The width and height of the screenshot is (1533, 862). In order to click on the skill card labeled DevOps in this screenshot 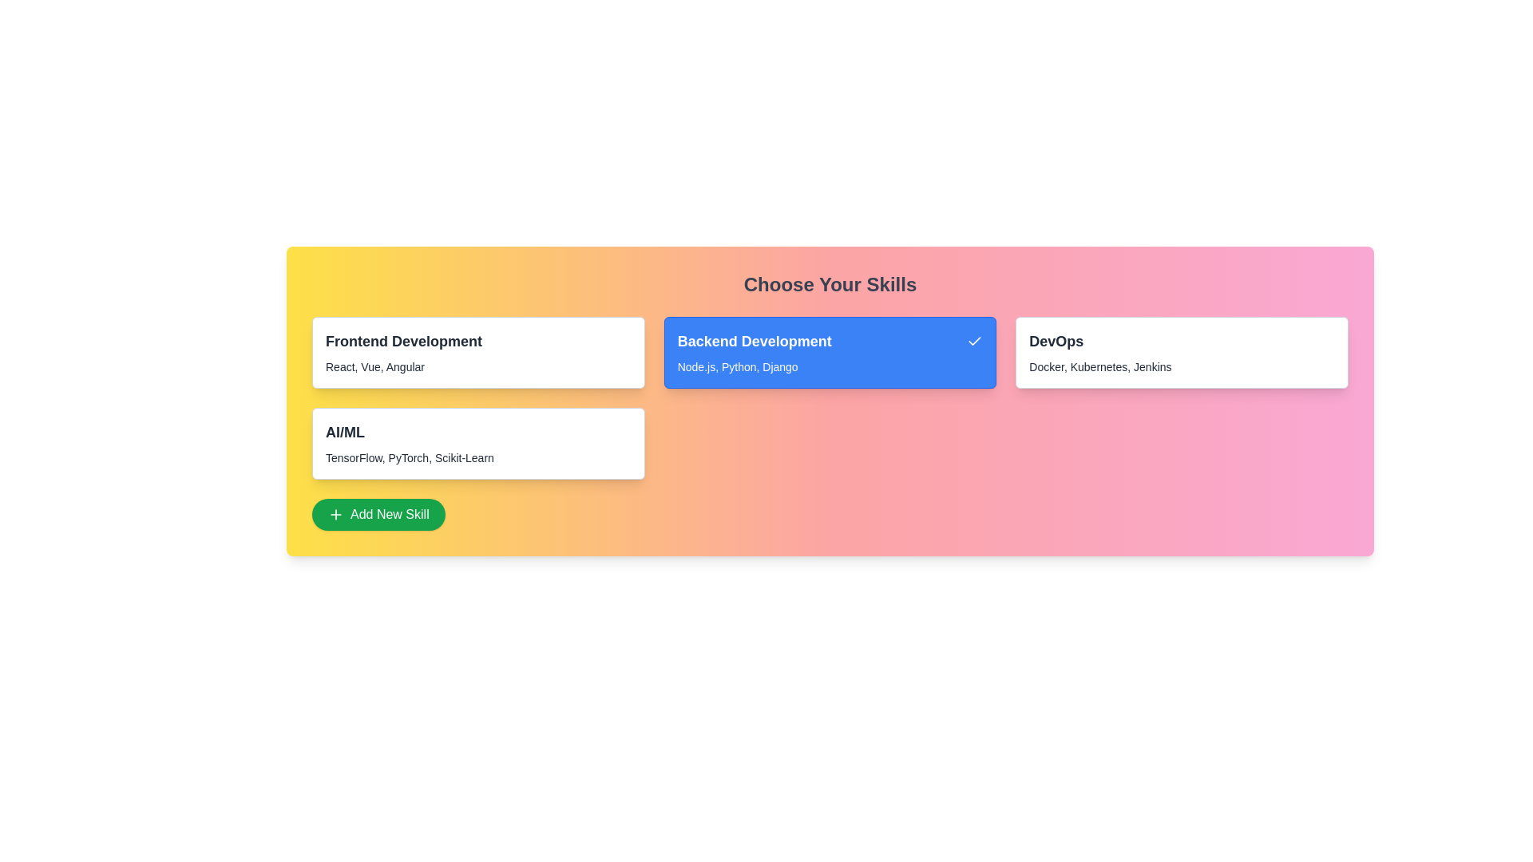, I will do `click(1182, 352)`.